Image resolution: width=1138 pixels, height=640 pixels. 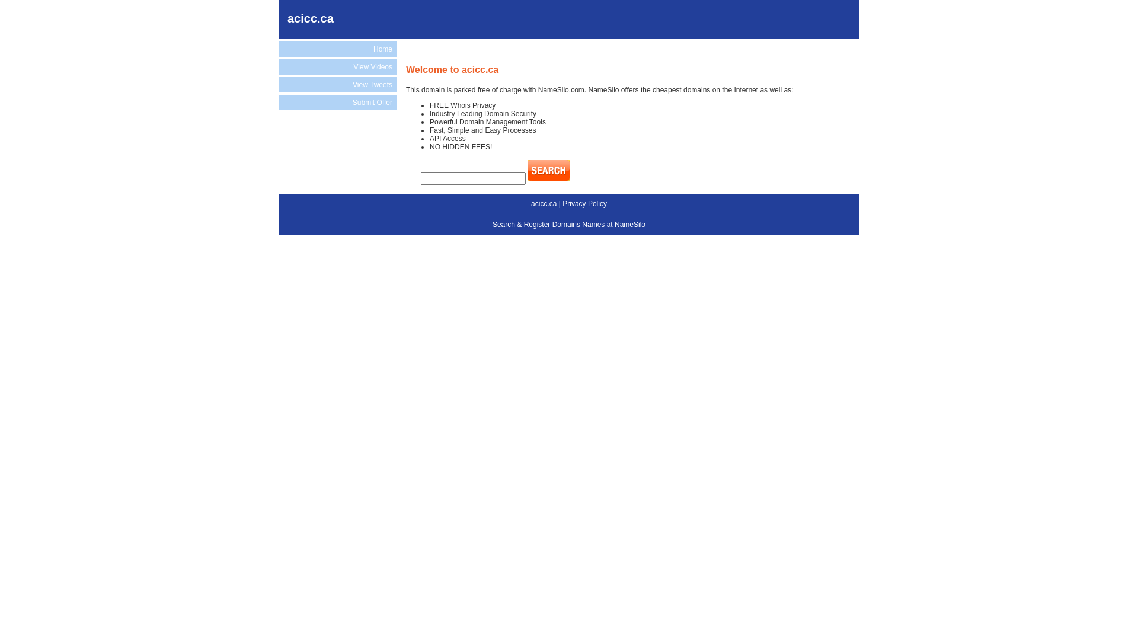 I want to click on 'Home', so click(x=337, y=49).